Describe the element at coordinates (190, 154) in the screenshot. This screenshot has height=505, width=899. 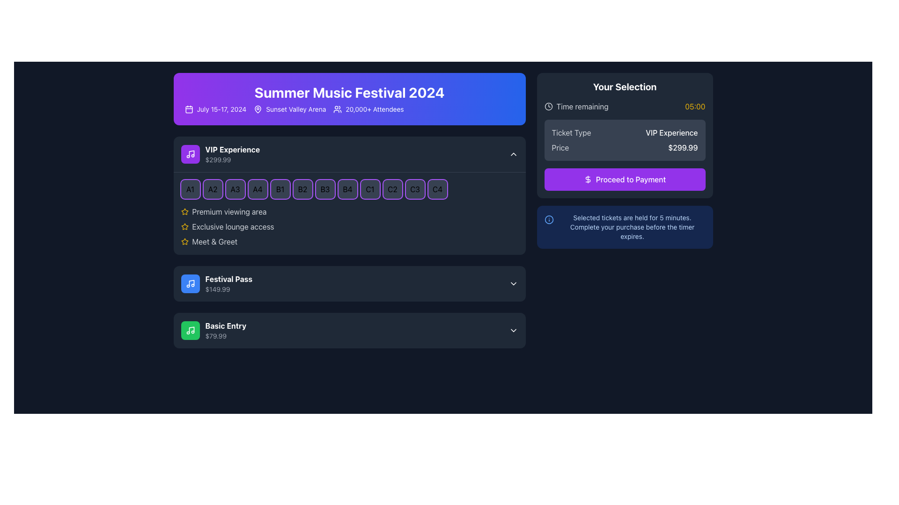
I see `the purple square-shaped icon with rounded corners and a centered white music note symbol located in the 'VIP Experience' section` at that location.